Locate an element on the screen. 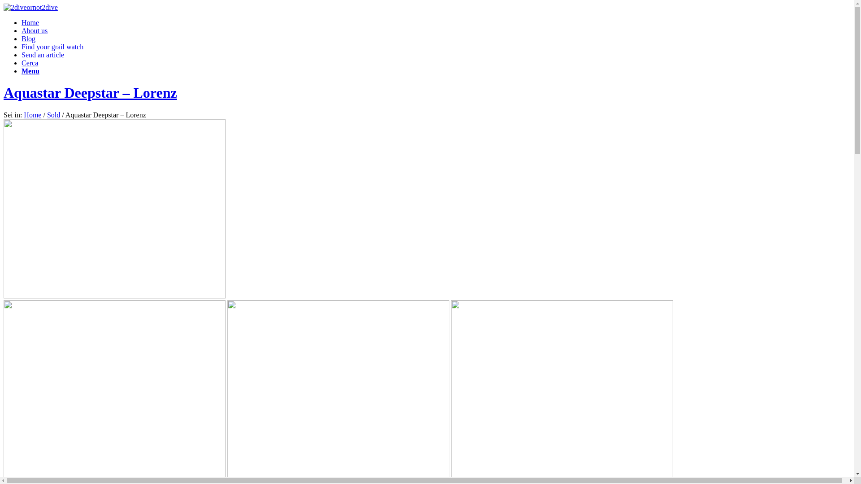  '20190625_145811' is located at coordinates (114, 389).